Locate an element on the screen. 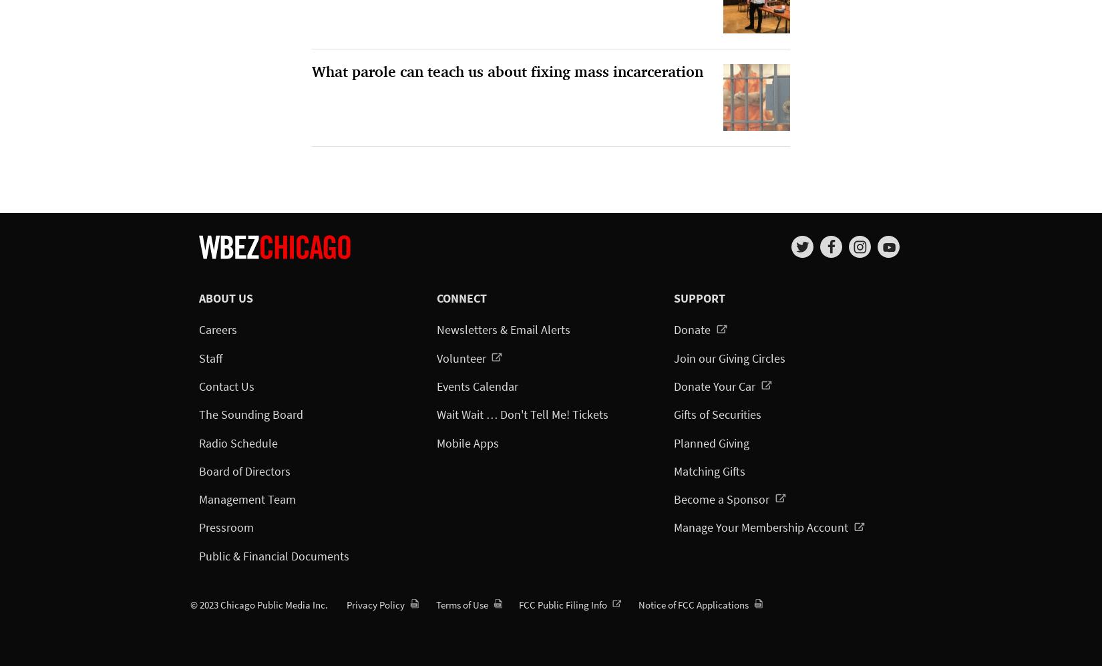 This screenshot has width=1102, height=666. 'Terms of Use' is located at coordinates (435, 603).